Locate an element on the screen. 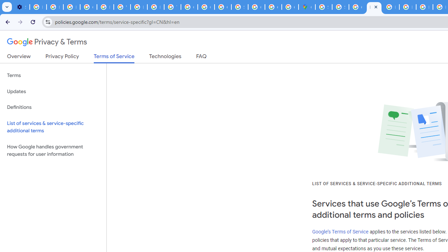 The width and height of the screenshot is (448, 252). 'Blogger Policies and Guidelines - Transparency Center' is located at coordinates (390, 7).